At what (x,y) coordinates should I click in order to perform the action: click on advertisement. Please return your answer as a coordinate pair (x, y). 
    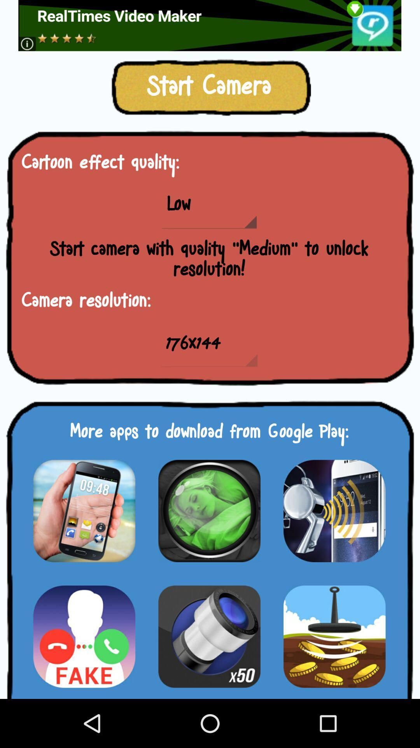
    Looking at the image, I should click on (84, 636).